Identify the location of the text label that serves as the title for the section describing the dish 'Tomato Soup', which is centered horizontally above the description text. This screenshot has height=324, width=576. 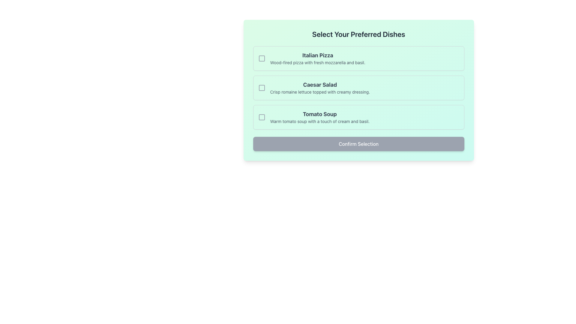
(319, 114).